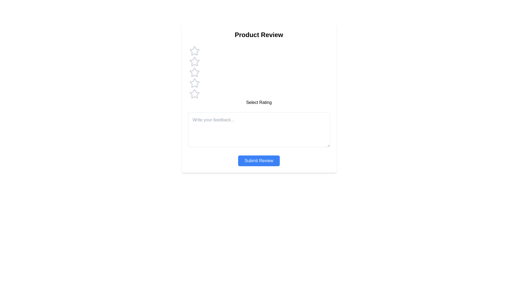 The image size is (516, 290). I want to click on the topmost Rating Star in the vertical list, so click(194, 51).